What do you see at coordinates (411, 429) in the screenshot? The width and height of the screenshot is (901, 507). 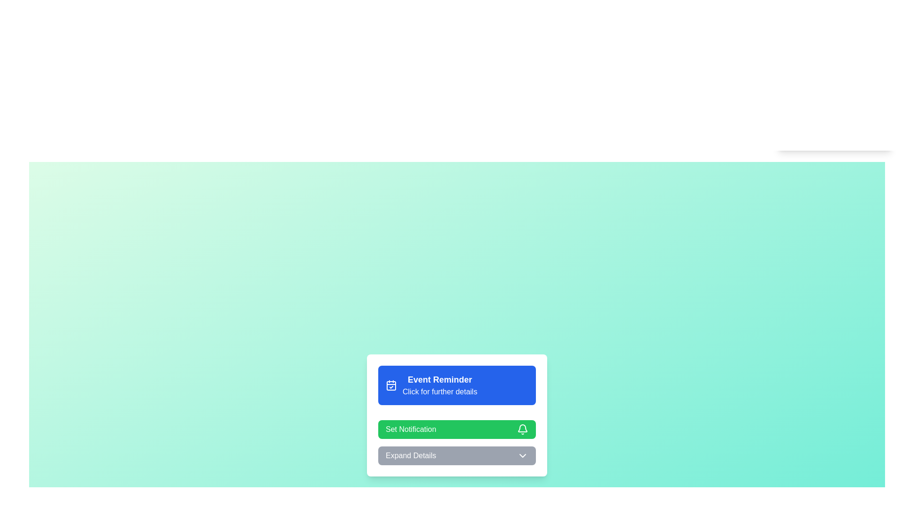 I see `the 'Set Notification' text label displayed in white font on a green background, located within a green rectangular button under the 'Event Reminder' header` at bounding box center [411, 429].